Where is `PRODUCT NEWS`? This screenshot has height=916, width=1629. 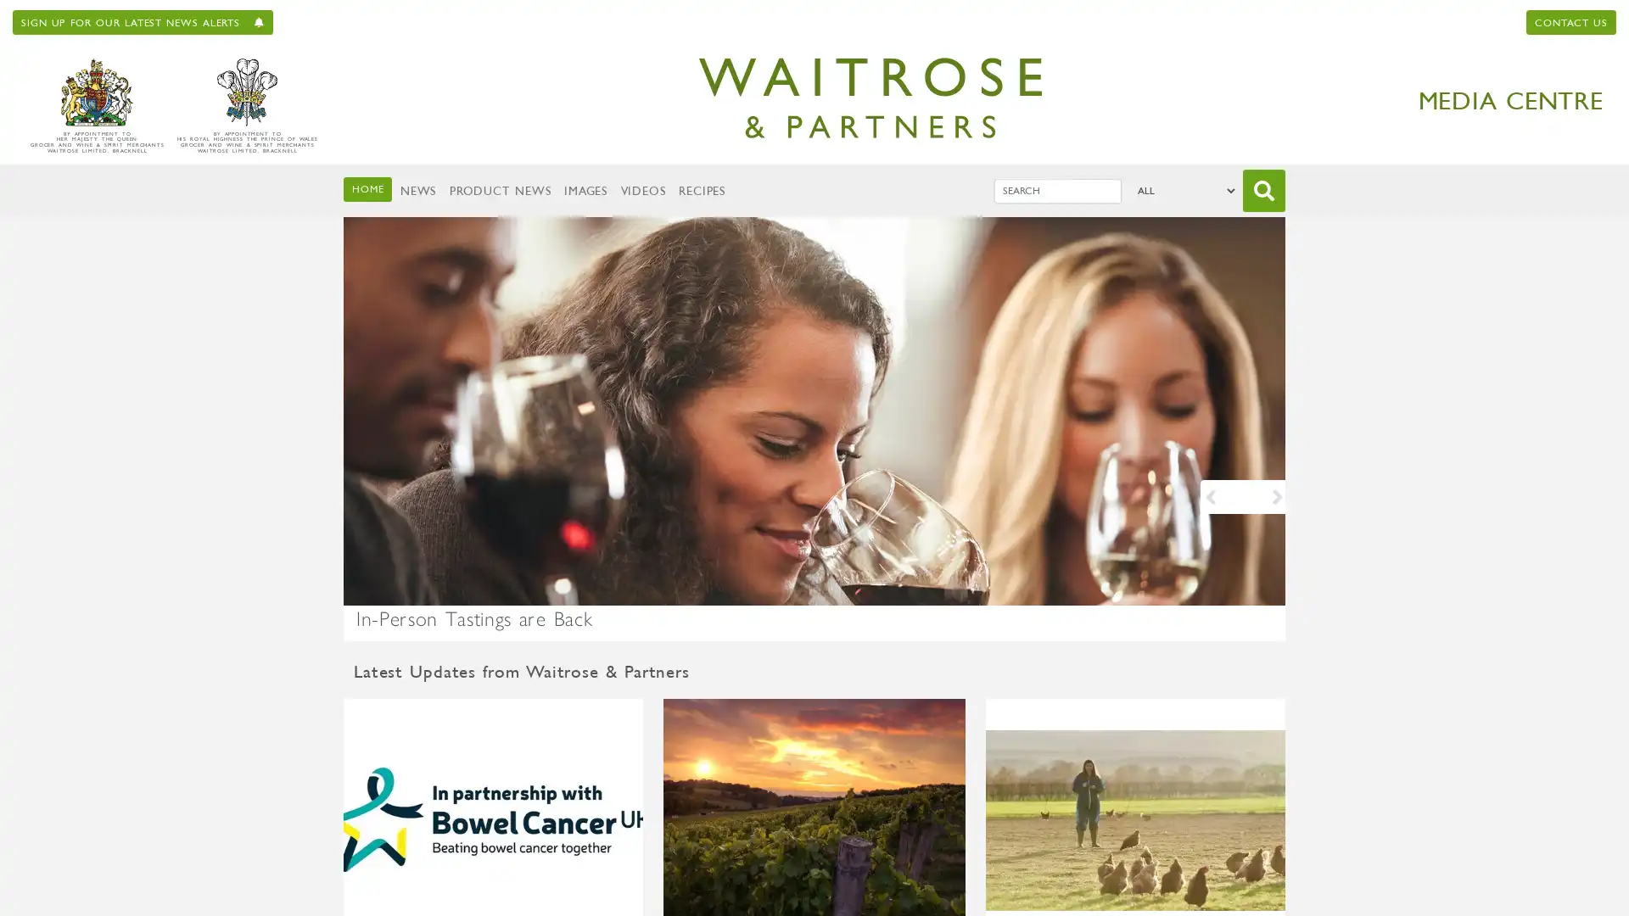
PRODUCT NEWS is located at coordinates (499, 190).